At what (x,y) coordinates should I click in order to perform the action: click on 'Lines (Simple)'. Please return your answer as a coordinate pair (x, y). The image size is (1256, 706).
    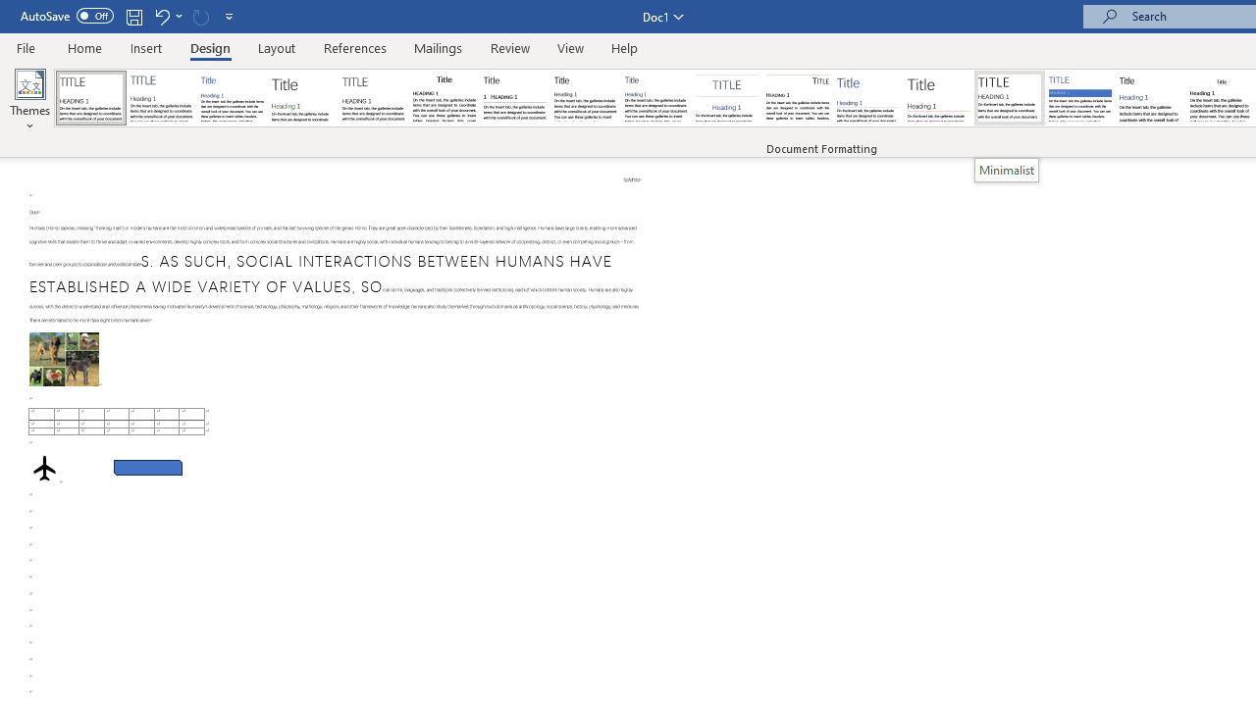
    Looking at the image, I should click on (867, 98).